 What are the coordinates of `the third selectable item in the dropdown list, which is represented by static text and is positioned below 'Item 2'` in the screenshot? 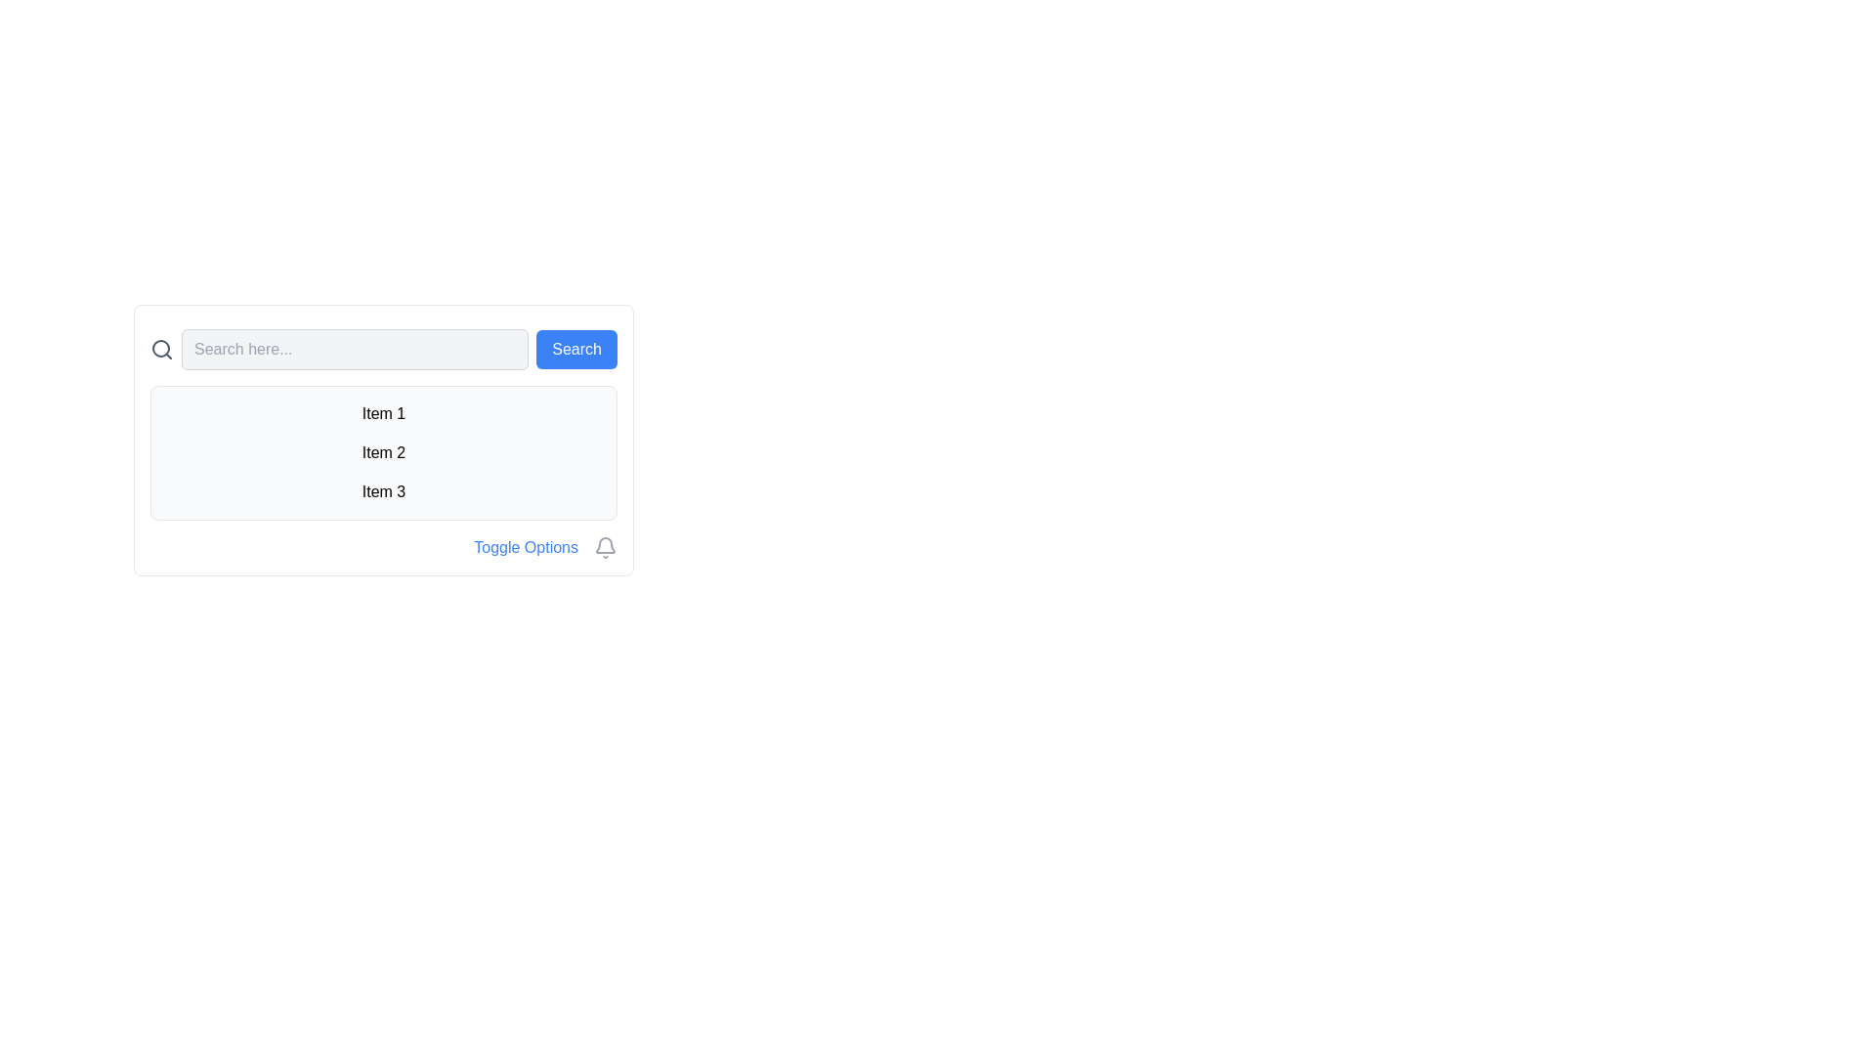 It's located at (384, 491).